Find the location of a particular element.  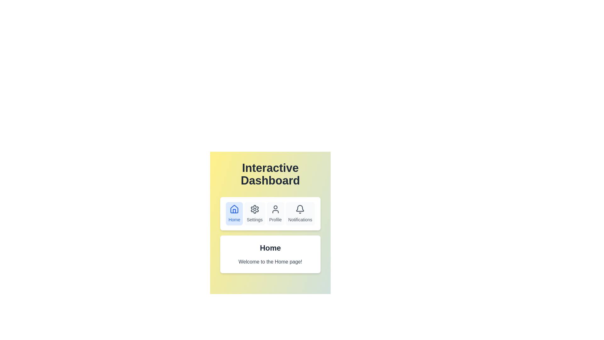

the Notifications tab in the navigation bar is located at coordinates (300, 213).